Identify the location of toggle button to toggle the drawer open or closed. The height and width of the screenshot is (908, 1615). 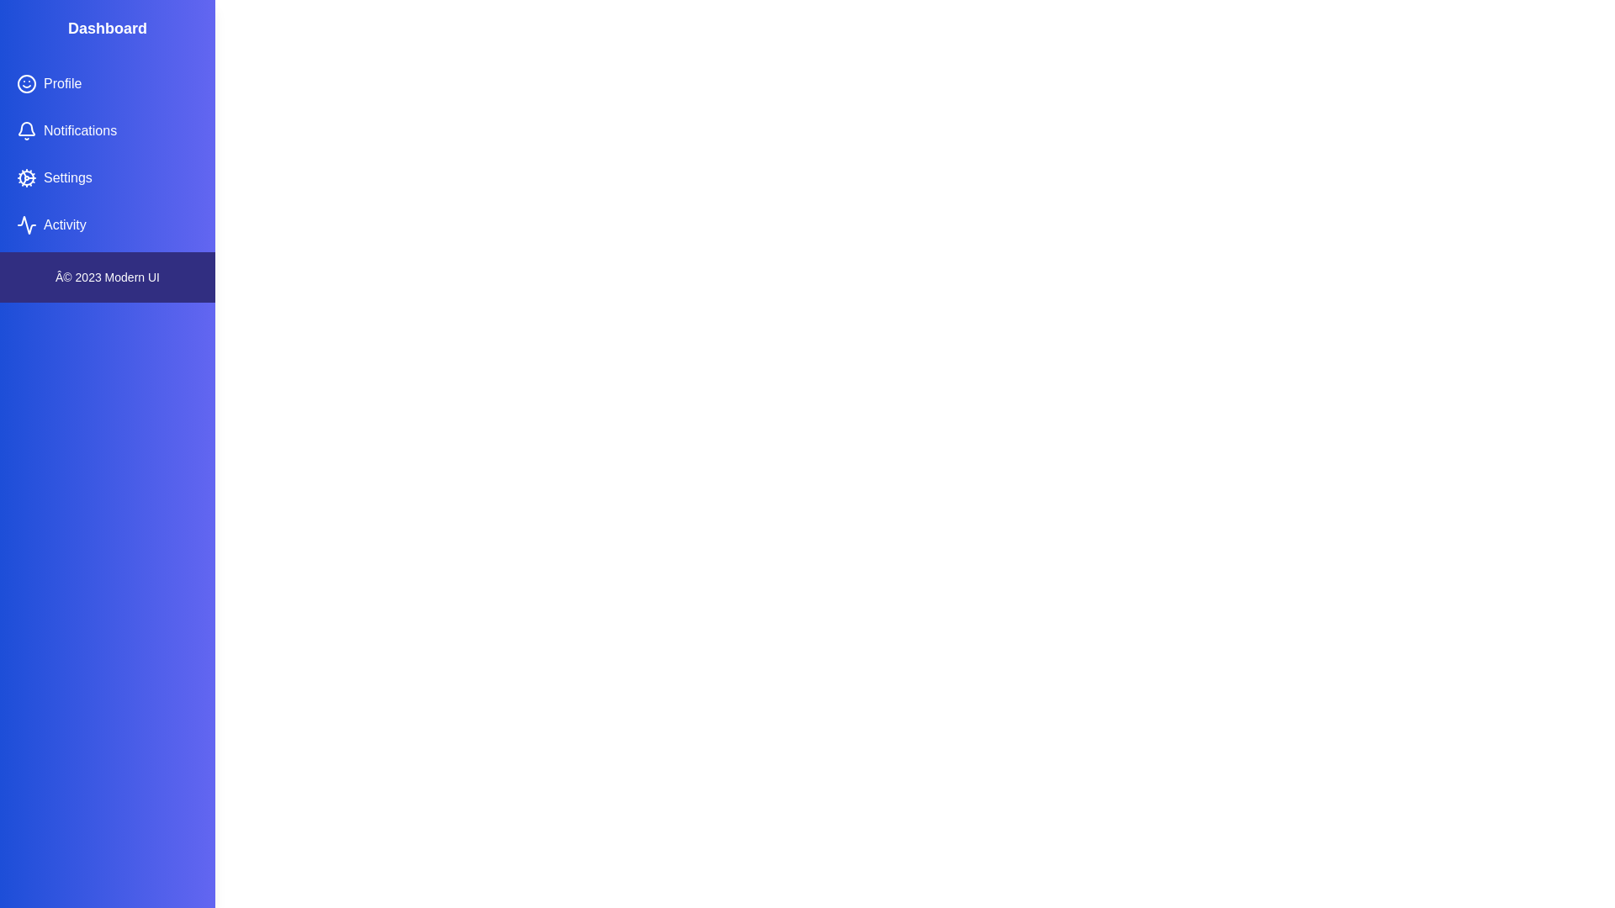
(29, 29).